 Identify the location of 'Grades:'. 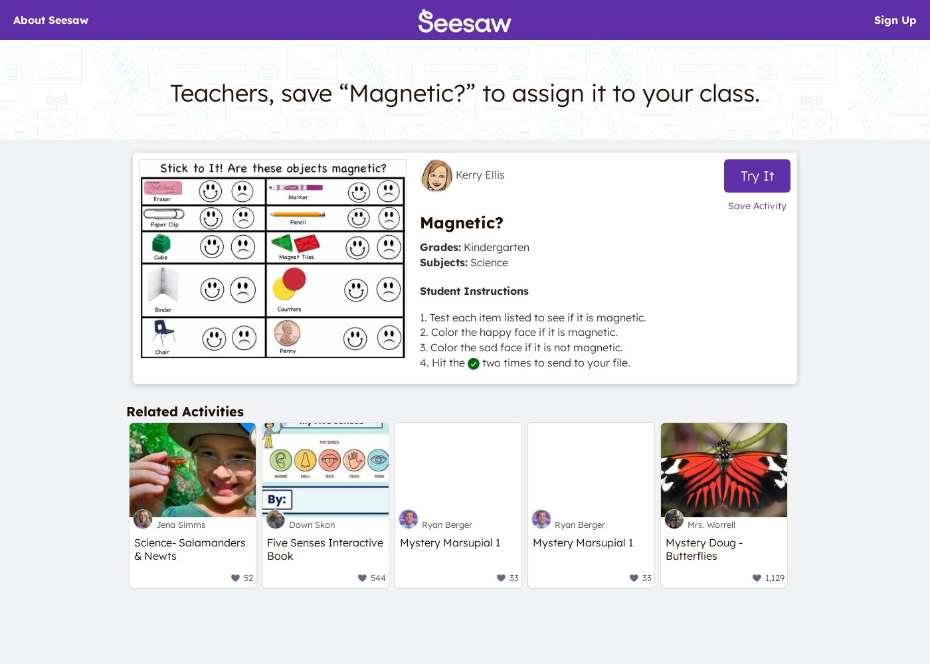
(419, 246).